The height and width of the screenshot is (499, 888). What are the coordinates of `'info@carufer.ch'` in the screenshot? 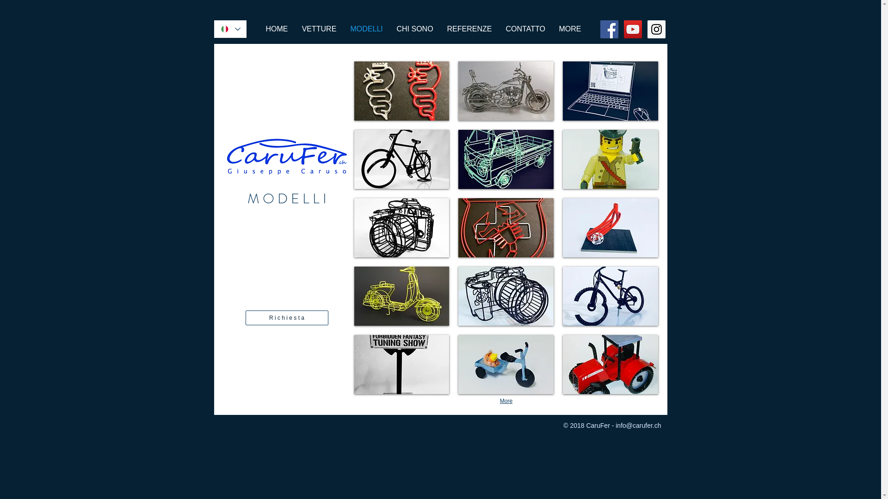 It's located at (638, 426).